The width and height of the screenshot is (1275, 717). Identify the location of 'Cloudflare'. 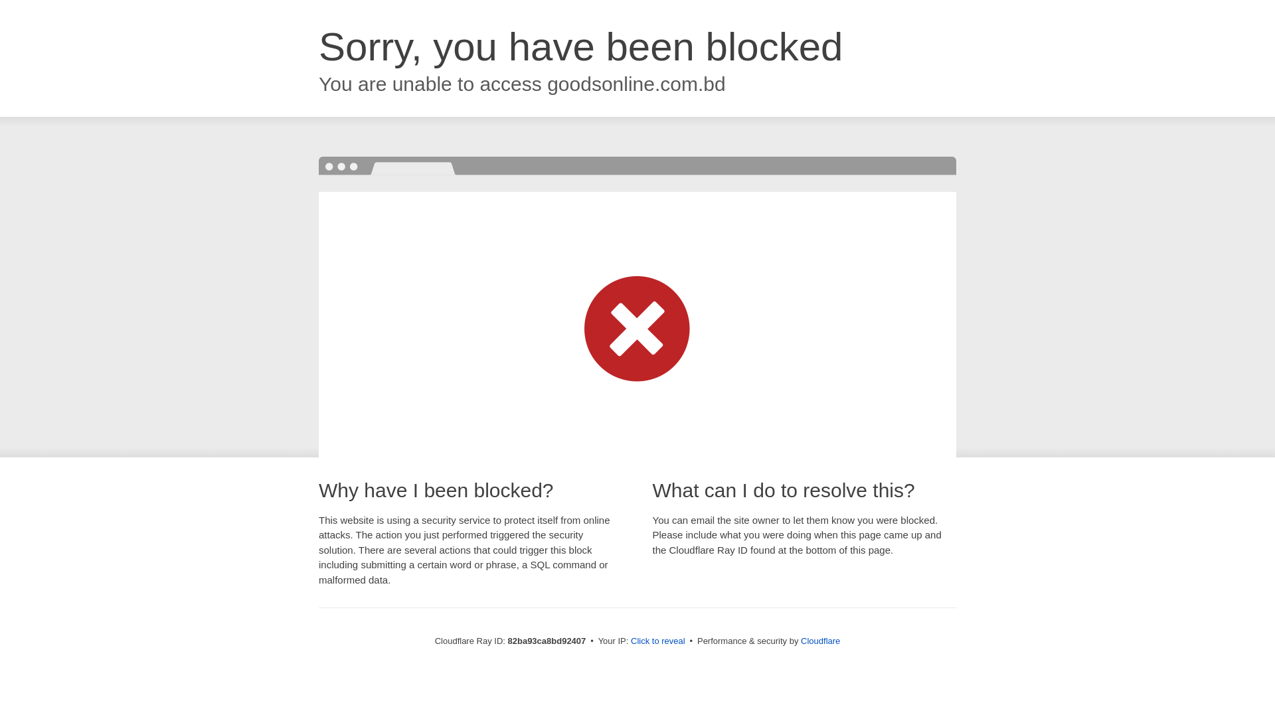
(819, 640).